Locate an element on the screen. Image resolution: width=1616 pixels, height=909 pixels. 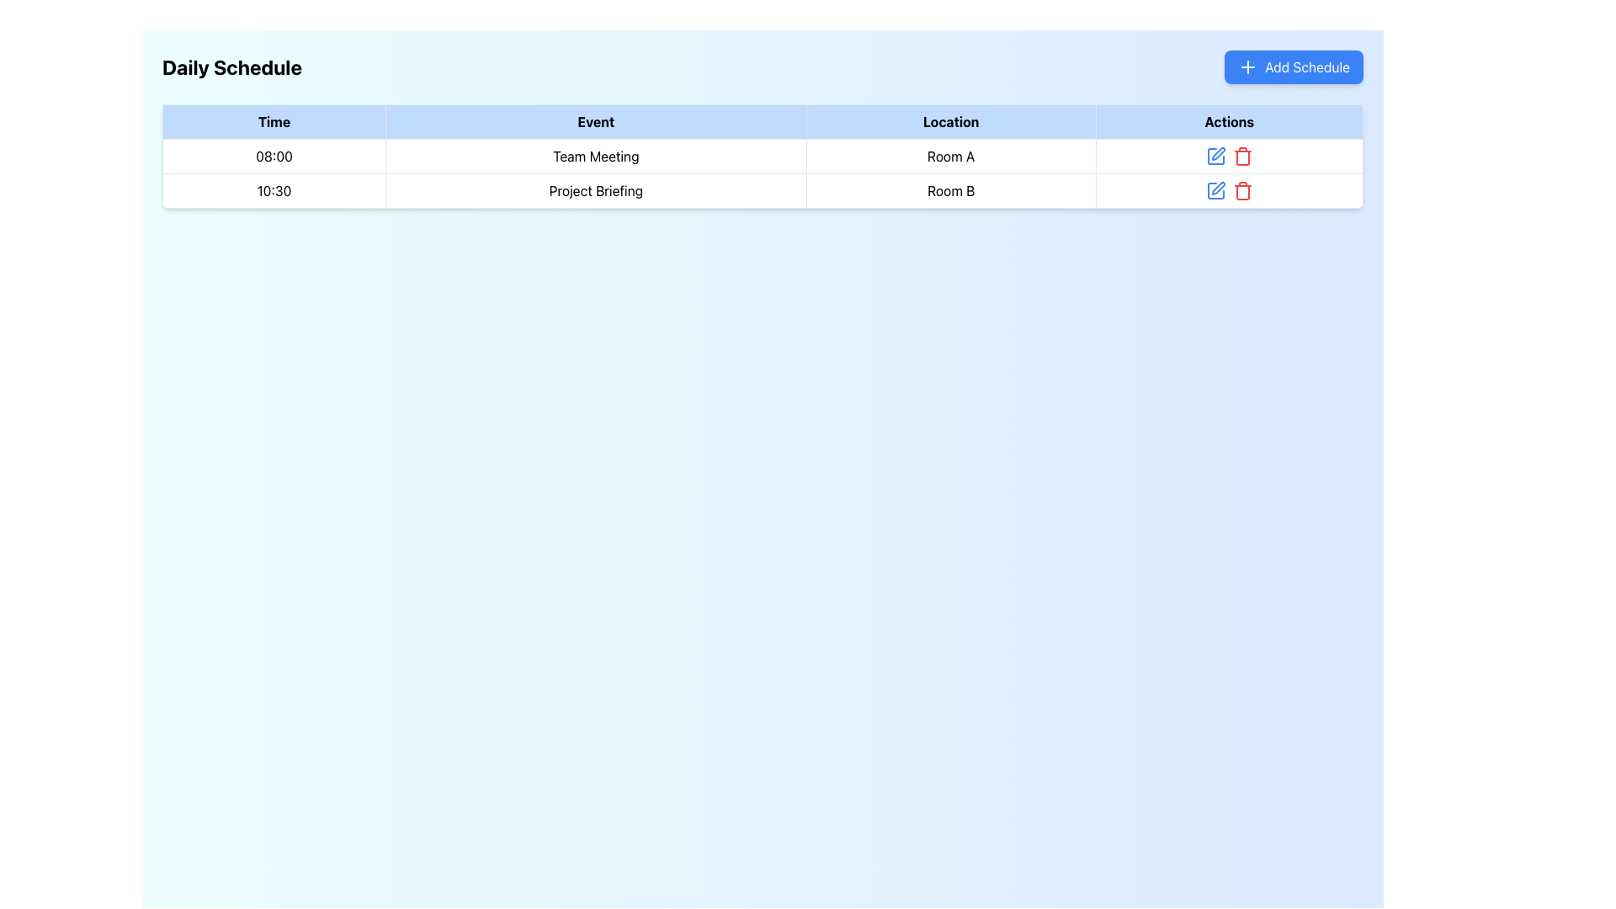
the second row in the table displaying meeting details is located at coordinates (762, 190).